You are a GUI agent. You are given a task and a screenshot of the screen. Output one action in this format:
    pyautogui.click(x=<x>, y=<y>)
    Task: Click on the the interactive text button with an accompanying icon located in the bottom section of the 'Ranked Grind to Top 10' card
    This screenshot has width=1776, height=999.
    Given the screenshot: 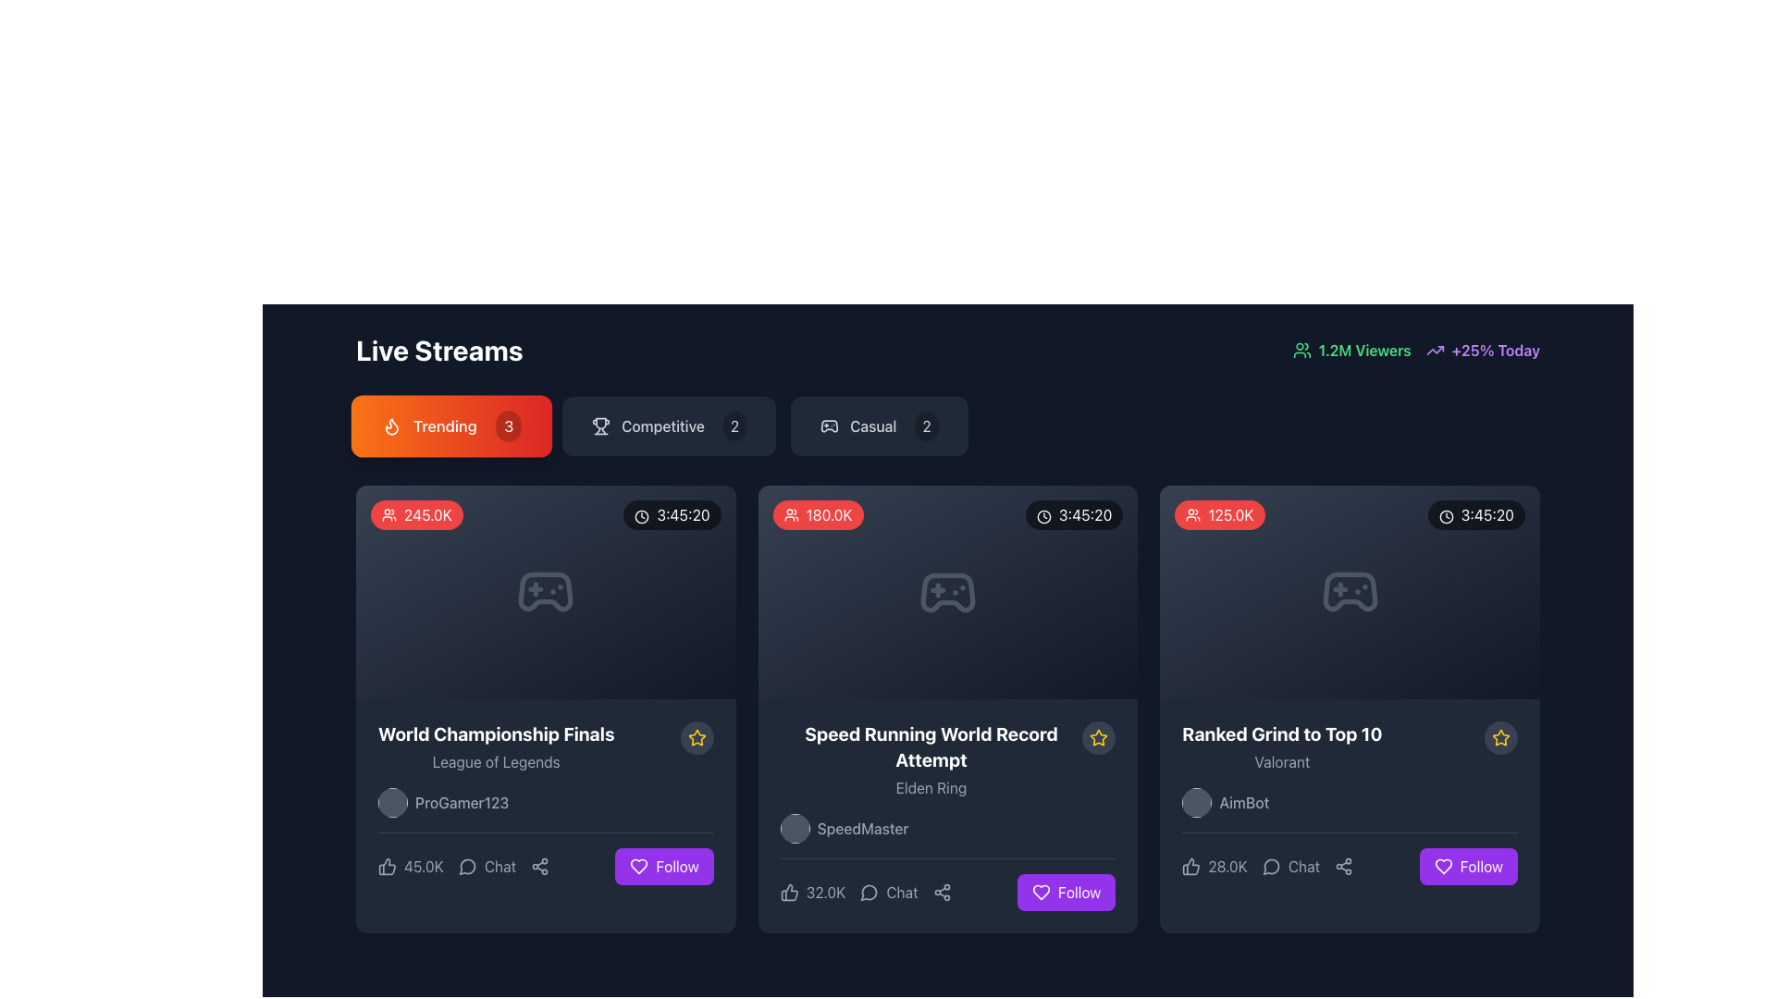 What is the action you would take?
    pyautogui.click(x=1290, y=867)
    